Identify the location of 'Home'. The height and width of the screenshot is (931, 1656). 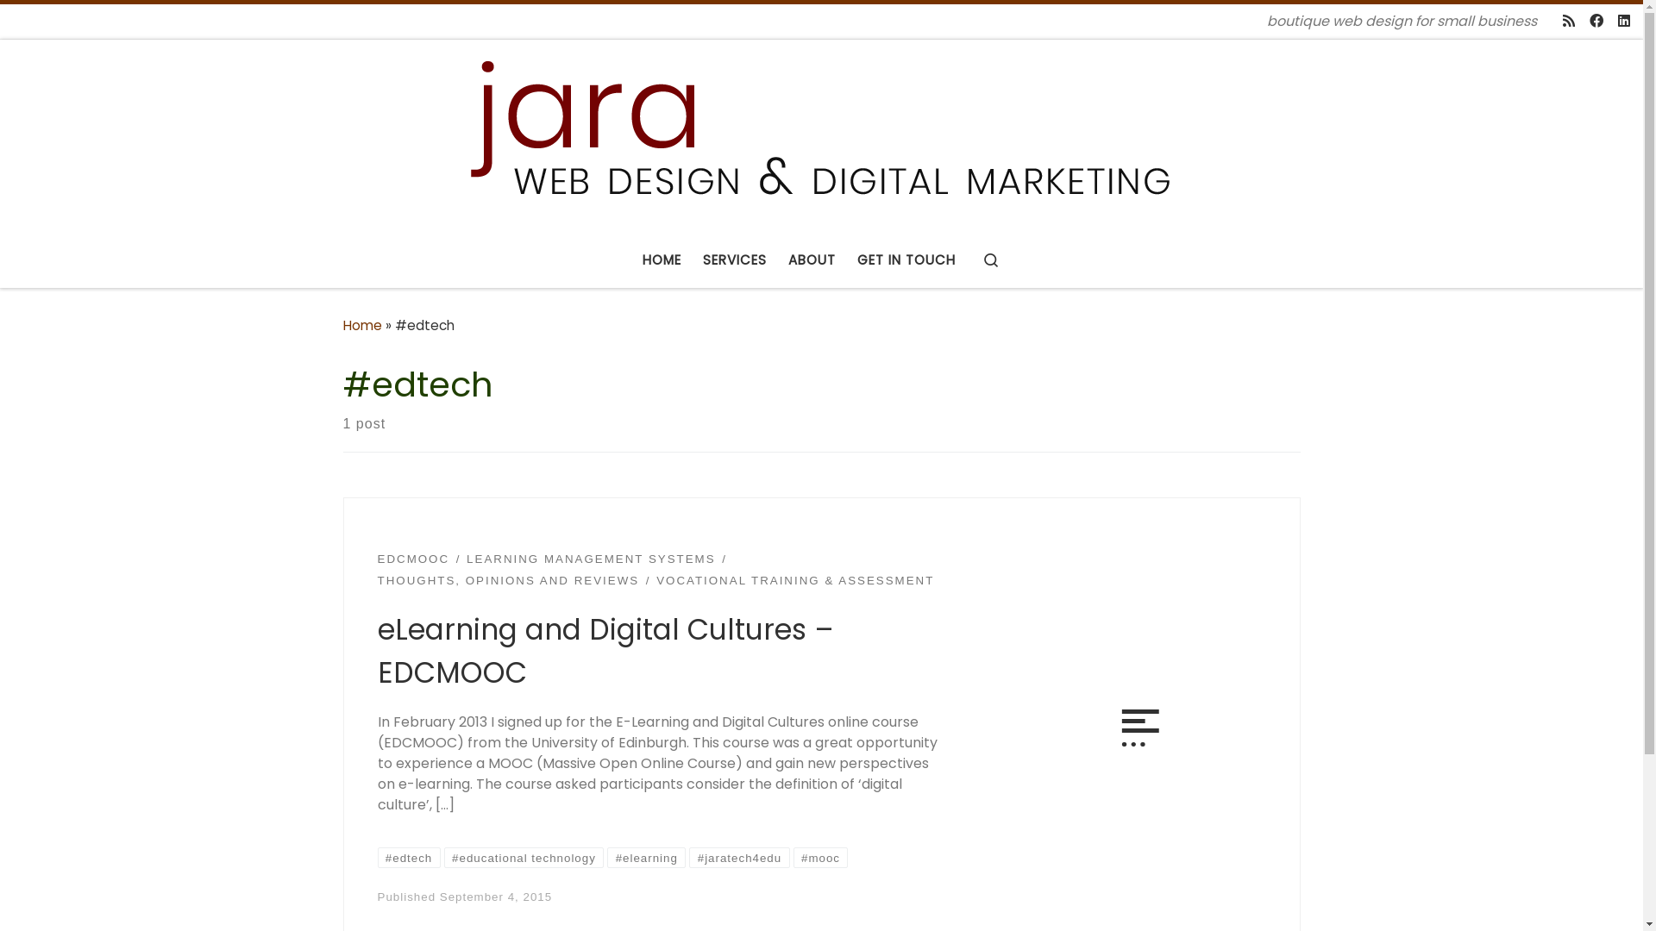
(361, 325).